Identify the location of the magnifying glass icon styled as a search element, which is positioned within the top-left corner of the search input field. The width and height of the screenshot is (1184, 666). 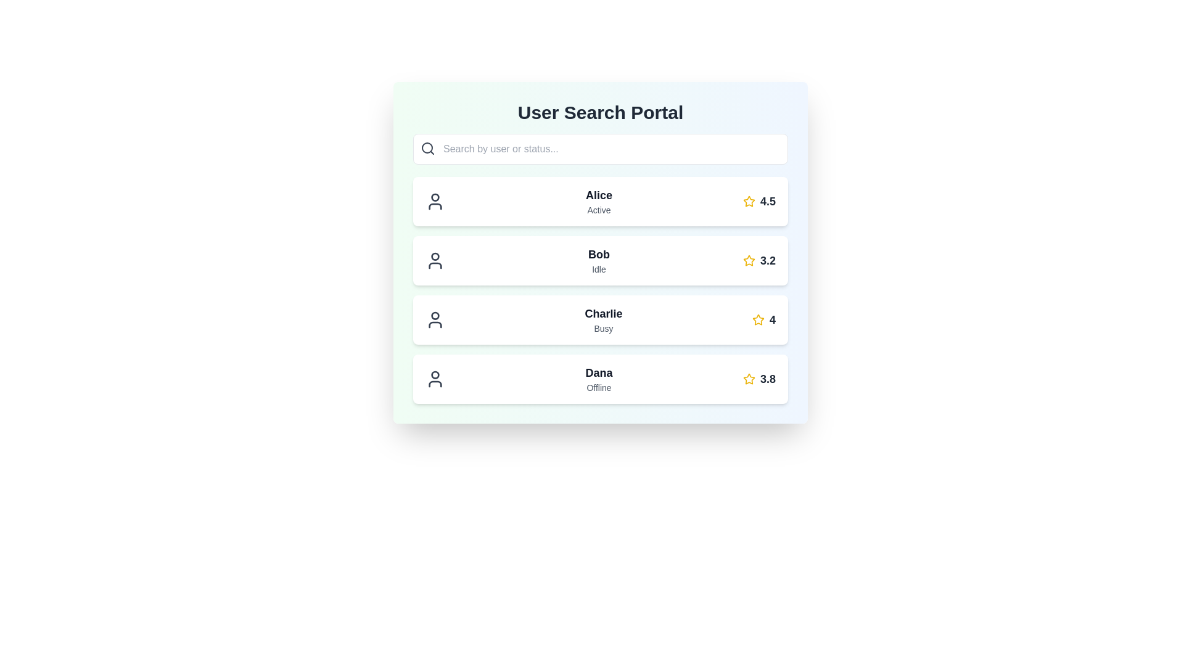
(428, 147).